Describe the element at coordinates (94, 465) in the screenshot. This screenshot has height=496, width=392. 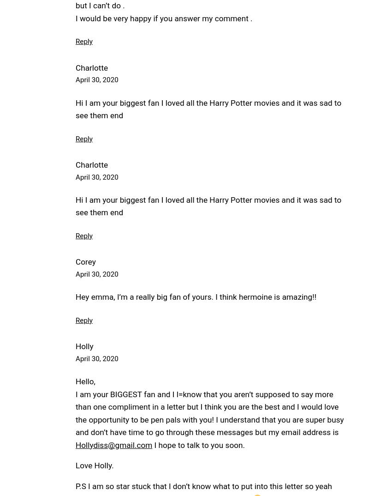
I see `'Love Holly.'` at that location.